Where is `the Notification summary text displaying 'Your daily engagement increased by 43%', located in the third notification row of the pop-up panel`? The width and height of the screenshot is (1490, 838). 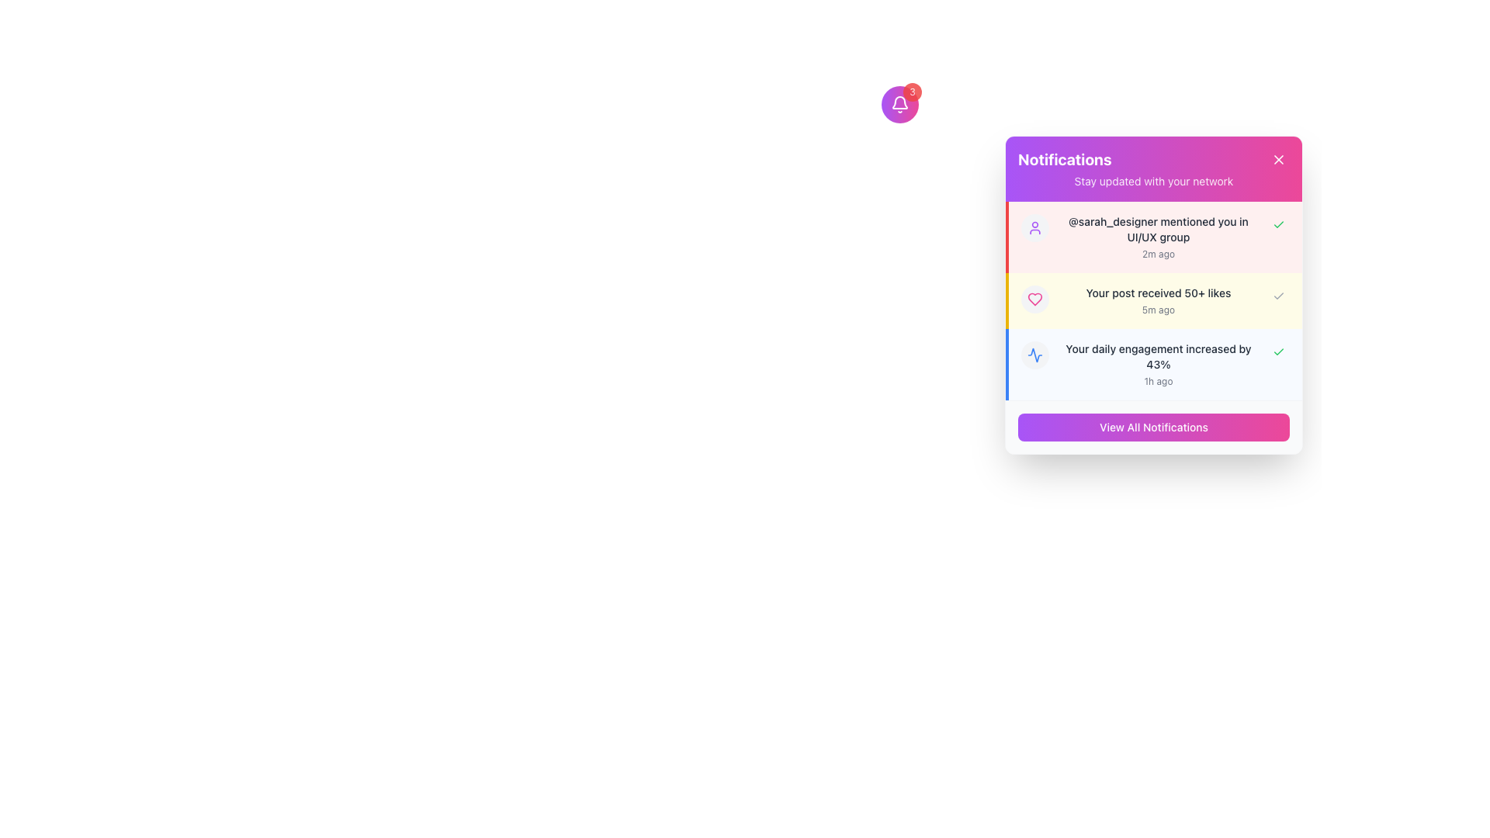 the Notification summary text displaying 'Your daily engagement increased by 43%', located in the third notification row of the pop-up panel is located at coordinates (1158, 365).